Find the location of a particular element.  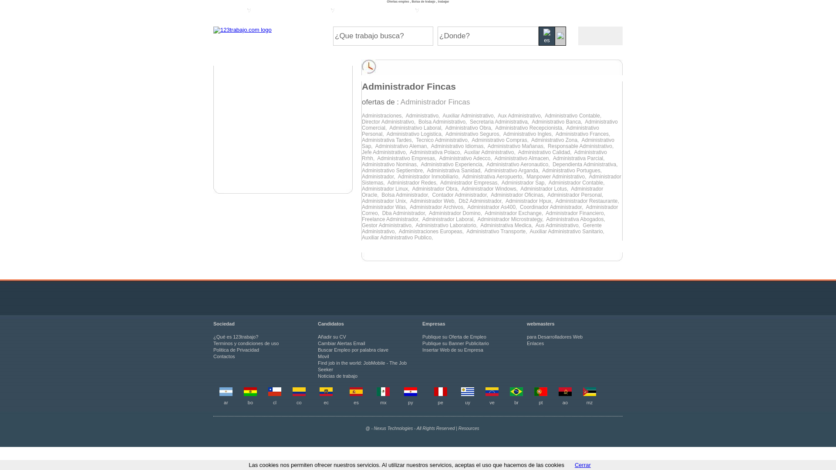

'Manpower Administrativo, ' is located at coordinates (557, 176).